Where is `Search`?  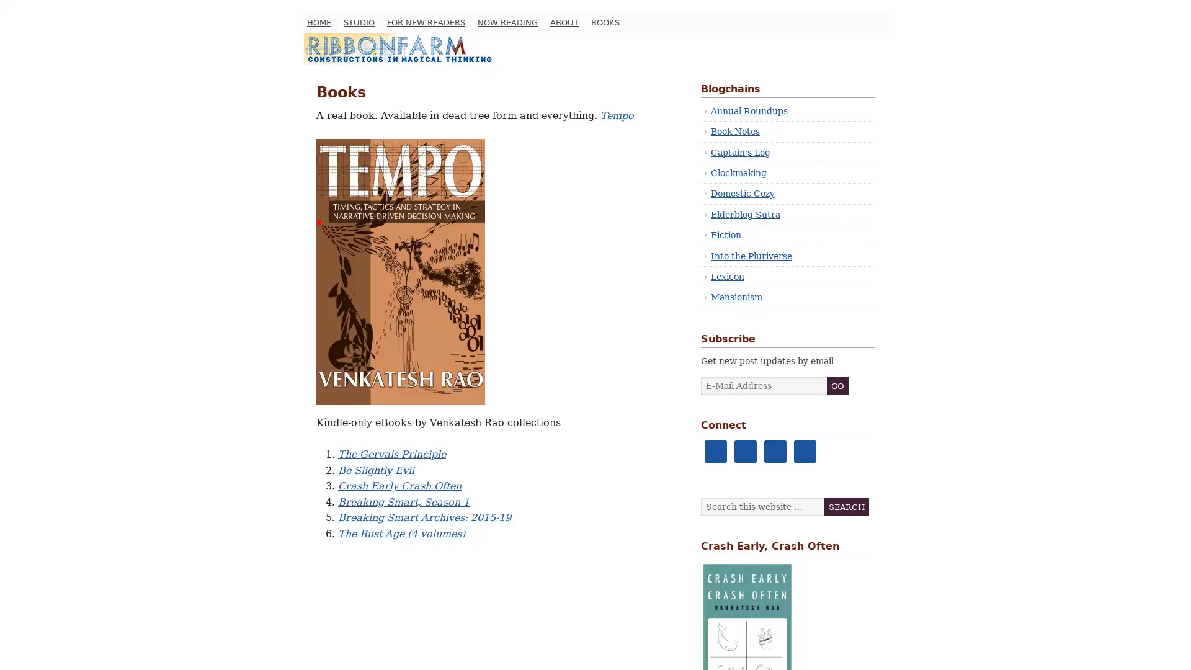
Search is located at coordinates (845, 507).